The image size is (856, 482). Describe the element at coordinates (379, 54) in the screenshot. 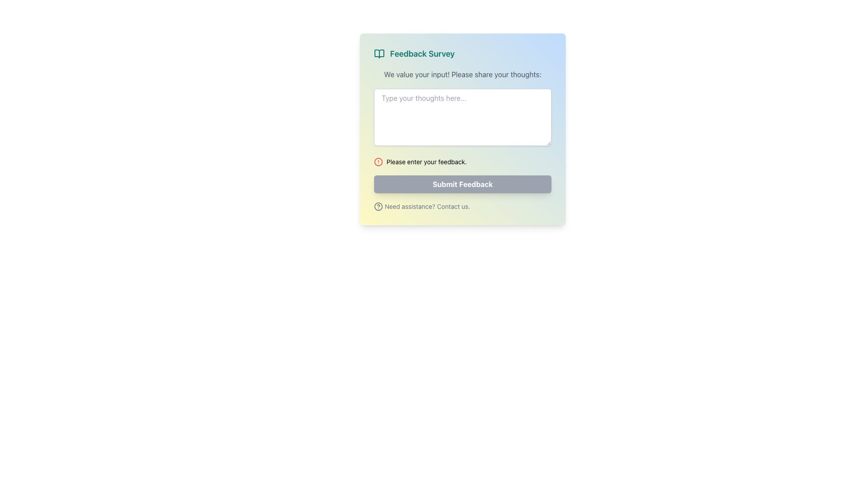

I see `the right half of the open book icon representing the feedback or survey feature in the left pane of the survey modal` at that location.